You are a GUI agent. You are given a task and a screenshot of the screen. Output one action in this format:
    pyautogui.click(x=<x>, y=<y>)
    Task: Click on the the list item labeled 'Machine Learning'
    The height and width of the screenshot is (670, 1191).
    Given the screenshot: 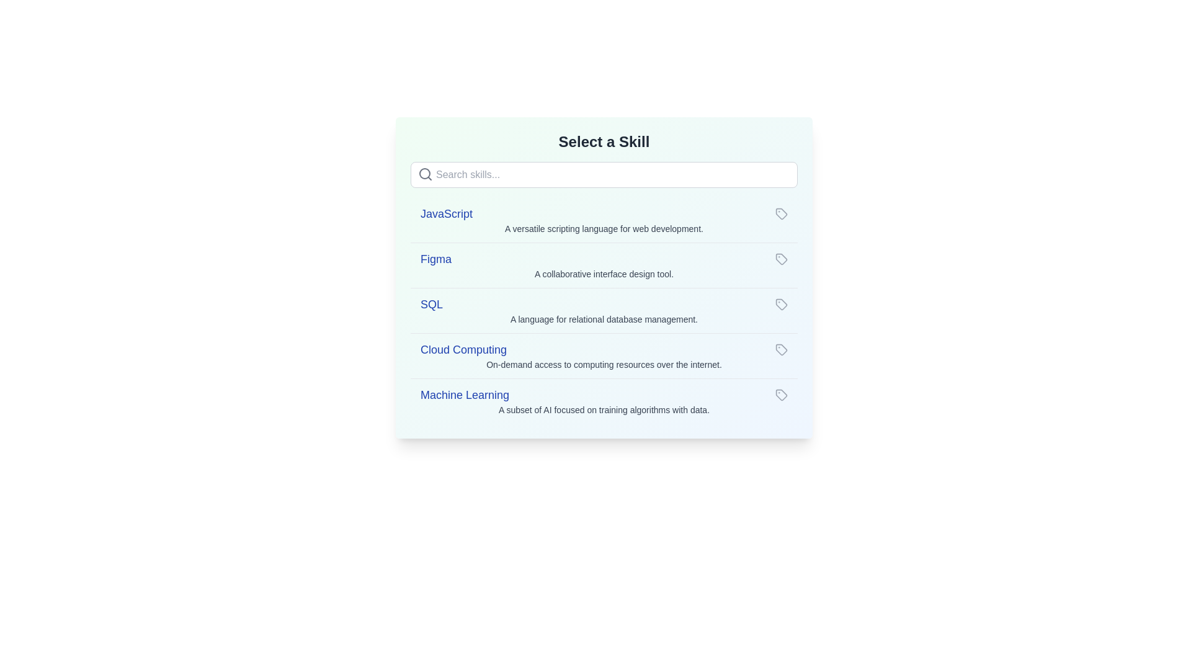 What is the action you would take?
    pyautogui.click(x=604, y=401)
    